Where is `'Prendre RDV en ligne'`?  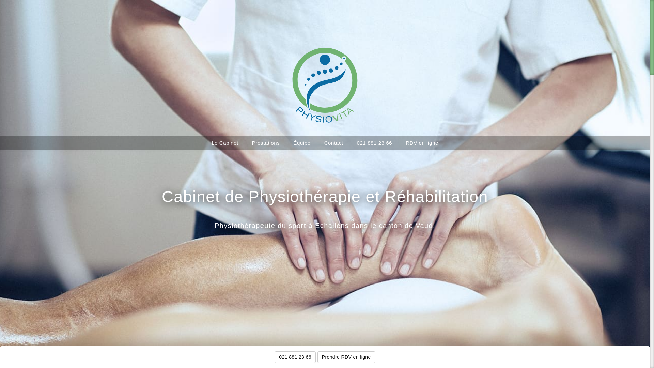 'Prendre RDV en ligne' is located at coordinates (346, 357).